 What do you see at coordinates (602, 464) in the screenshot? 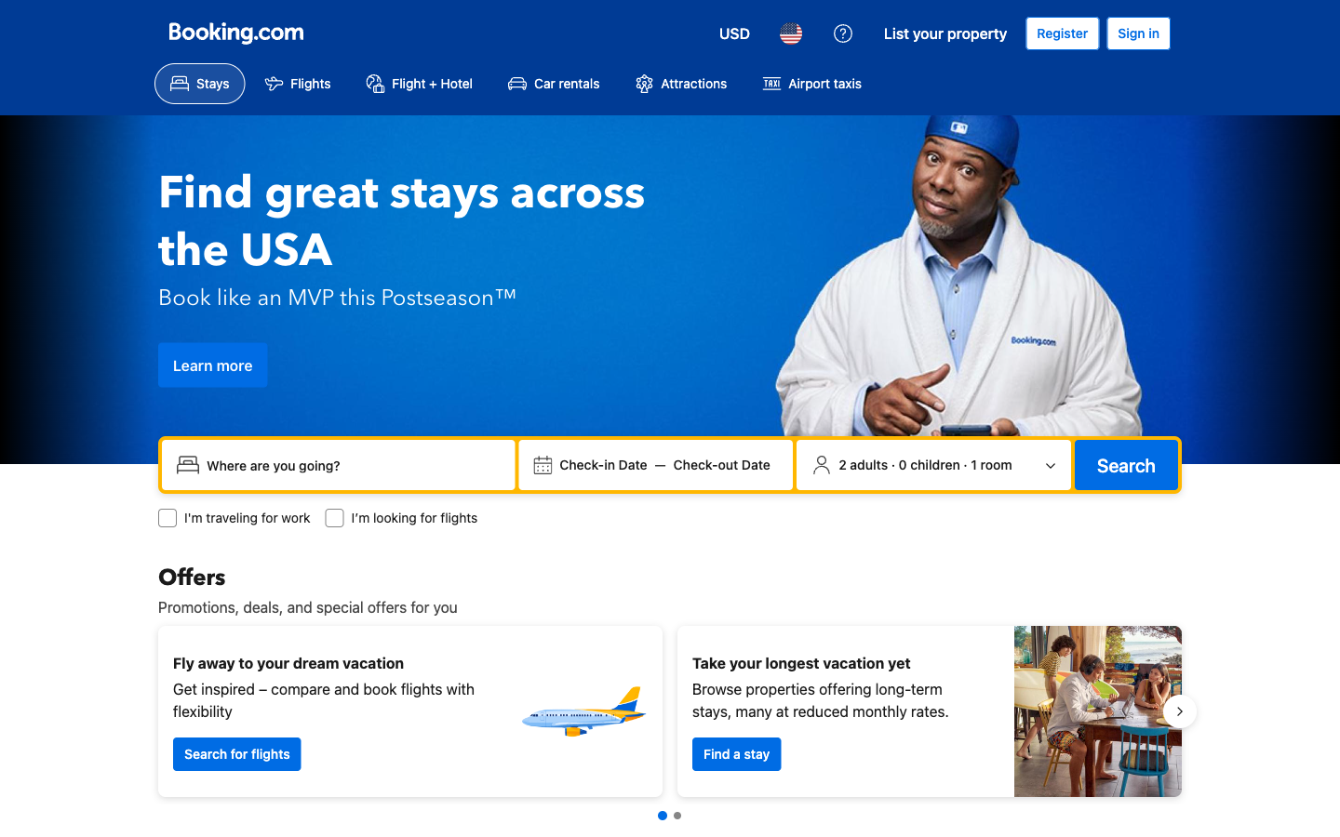
I see `the check in dates by clicking on the check in Data button` at bounding box center [602, 464].